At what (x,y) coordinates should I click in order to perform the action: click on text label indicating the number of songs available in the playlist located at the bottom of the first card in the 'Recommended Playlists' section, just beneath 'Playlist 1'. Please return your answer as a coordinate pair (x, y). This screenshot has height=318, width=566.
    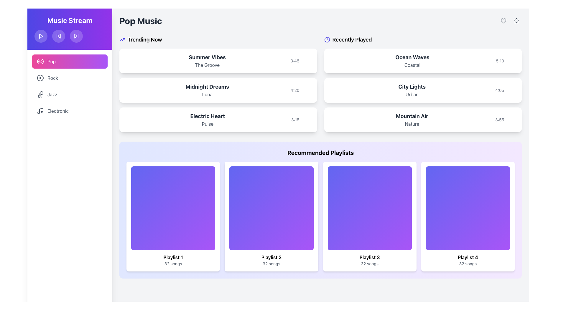
    Looking at the image, I should click on (173, 264).